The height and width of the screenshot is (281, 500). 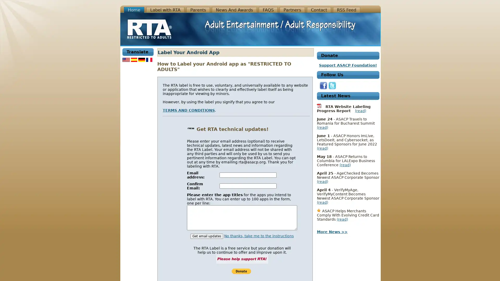 What do you see at coordinates (206, 236) in the screenshot?
I see `Get email updates` at bounding box center [206, 236].